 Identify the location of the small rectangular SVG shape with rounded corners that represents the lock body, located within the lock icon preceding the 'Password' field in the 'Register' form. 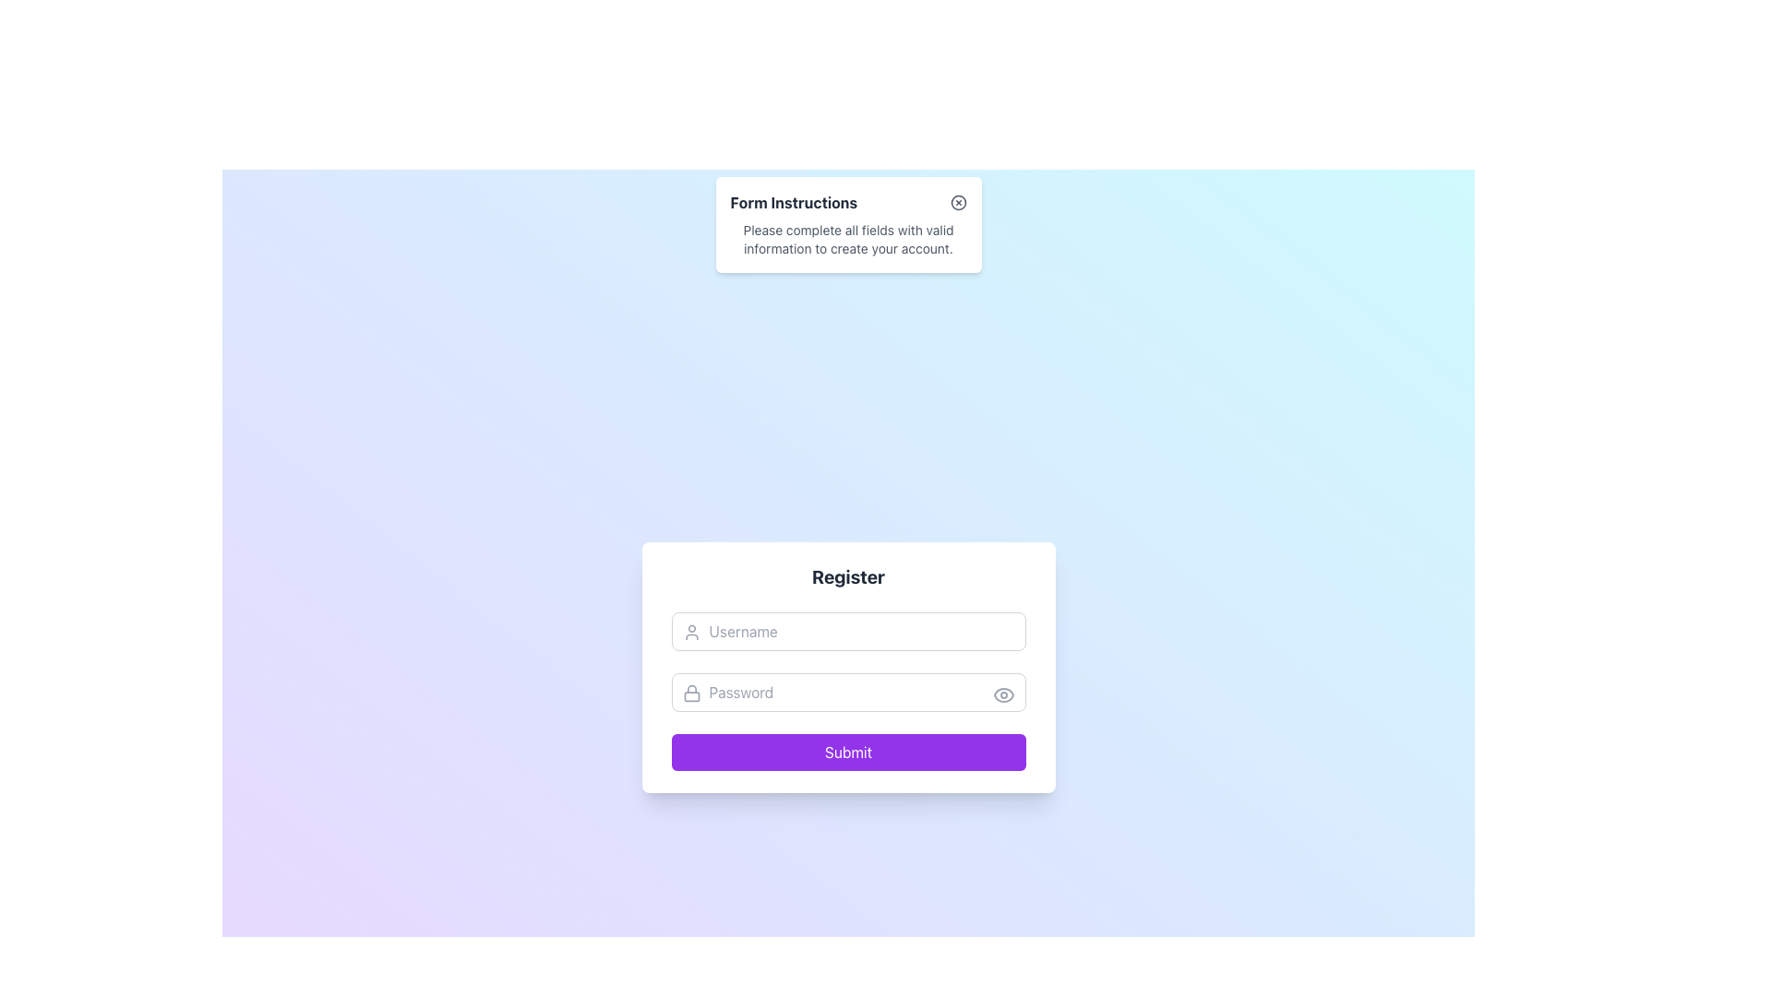
(690, 696).